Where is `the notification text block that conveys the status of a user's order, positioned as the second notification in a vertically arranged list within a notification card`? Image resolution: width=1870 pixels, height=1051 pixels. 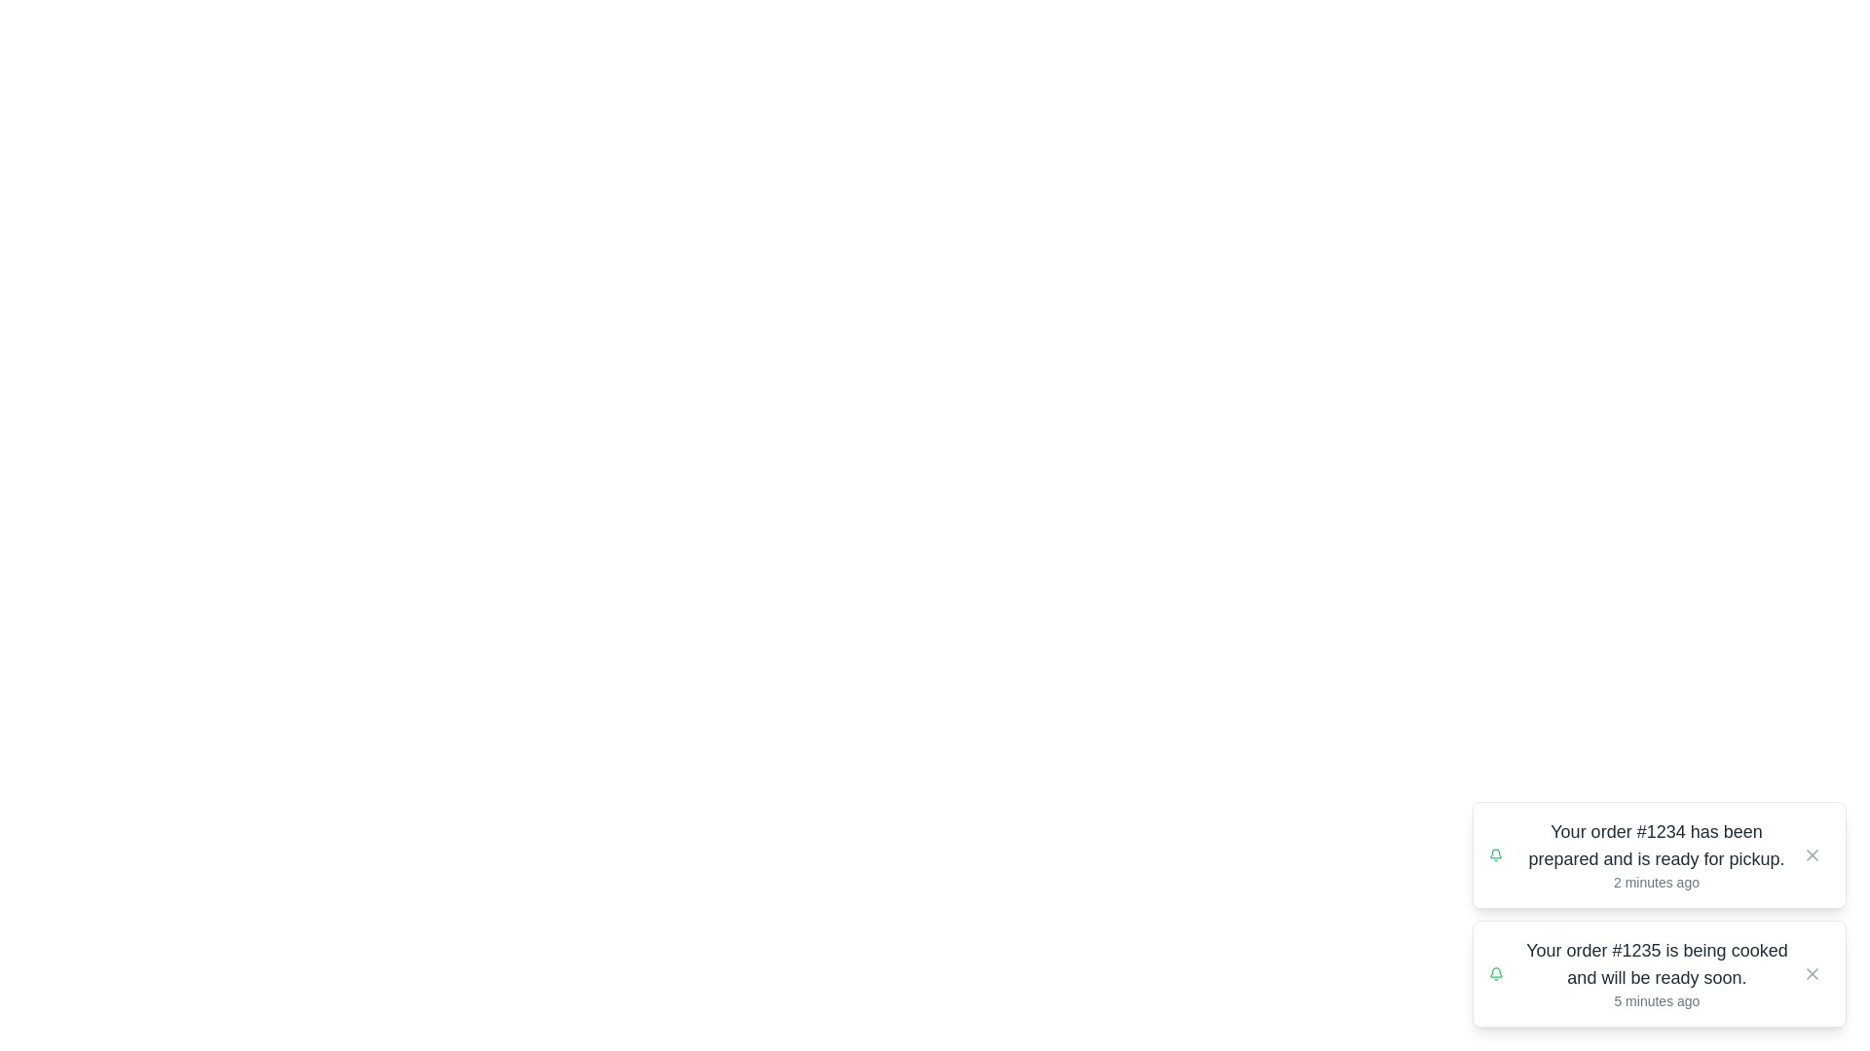
the notification text block that conveys the status of a user's order, positioned as the second notification in a vertically arranged list within a notification card is located at coordinates (1656, 964).